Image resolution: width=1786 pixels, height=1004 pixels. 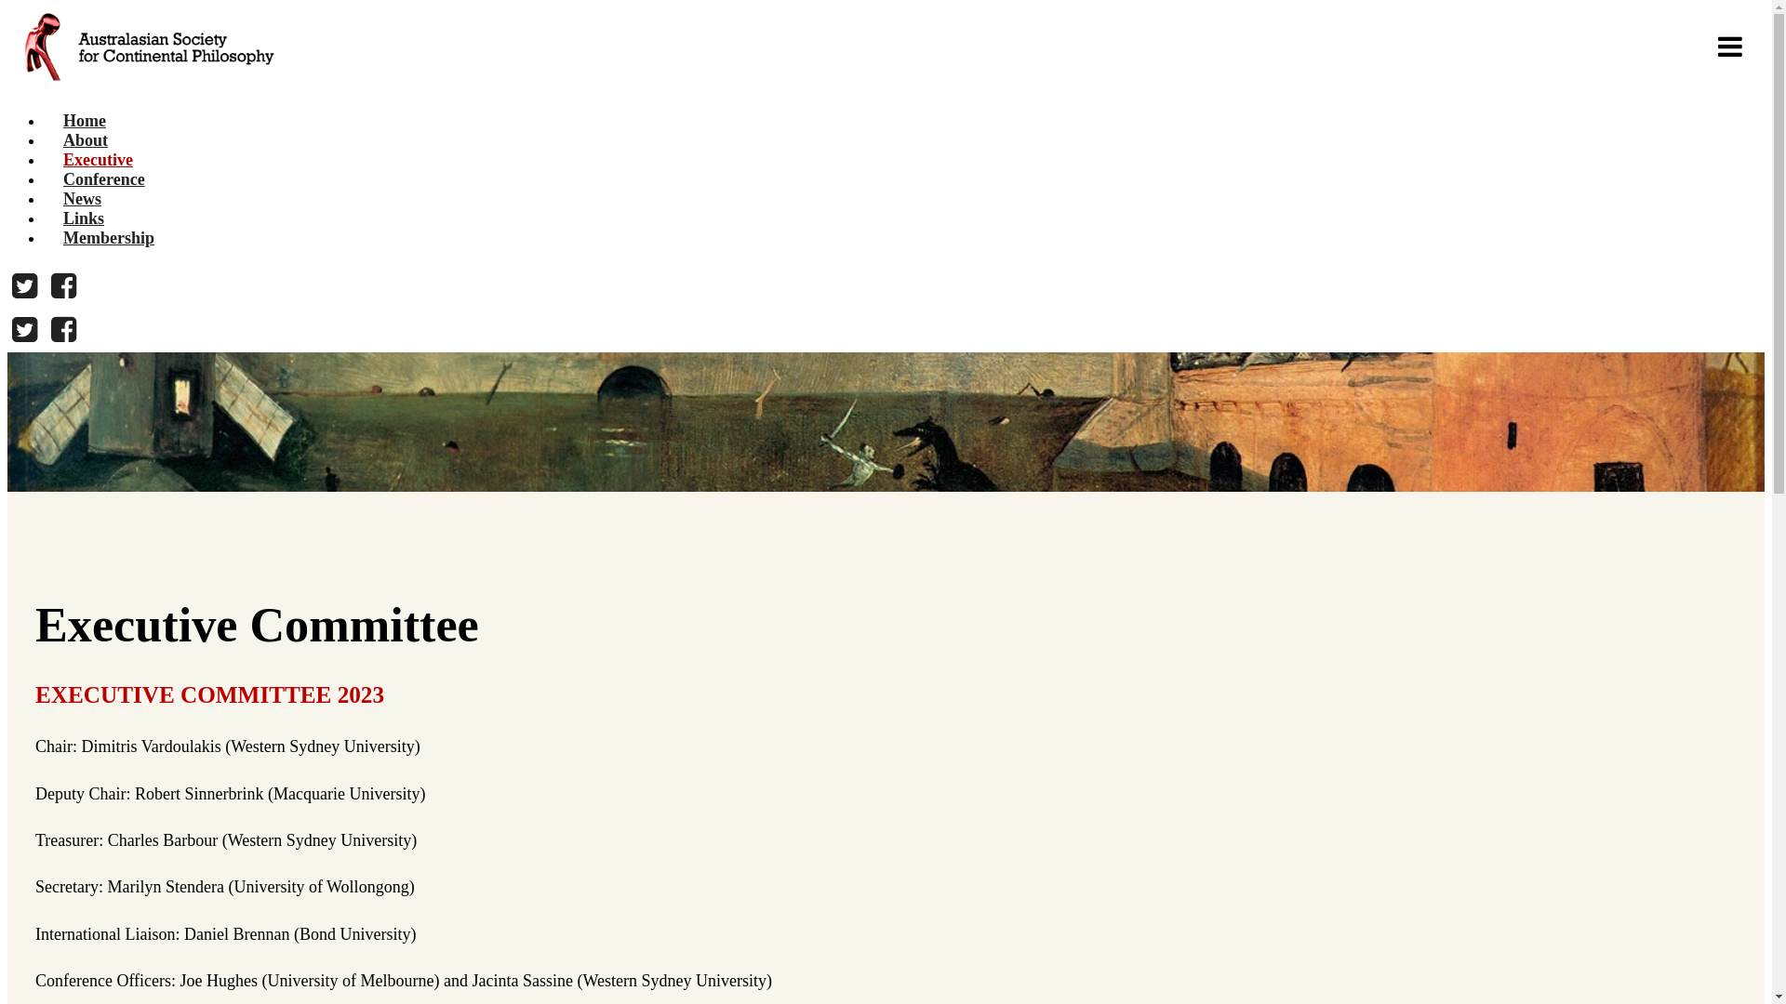 I want to click on 'Executive', so click(x=97, y=159).